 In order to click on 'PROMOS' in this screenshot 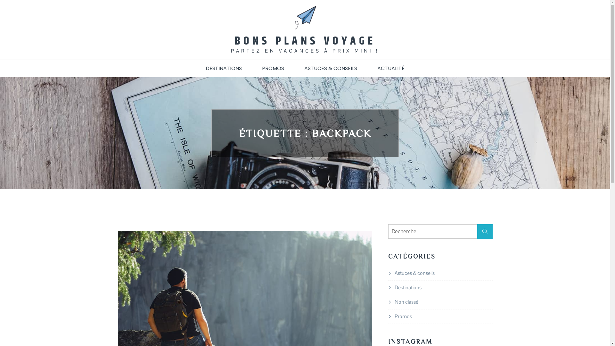, I will do `click(273, 68)`.